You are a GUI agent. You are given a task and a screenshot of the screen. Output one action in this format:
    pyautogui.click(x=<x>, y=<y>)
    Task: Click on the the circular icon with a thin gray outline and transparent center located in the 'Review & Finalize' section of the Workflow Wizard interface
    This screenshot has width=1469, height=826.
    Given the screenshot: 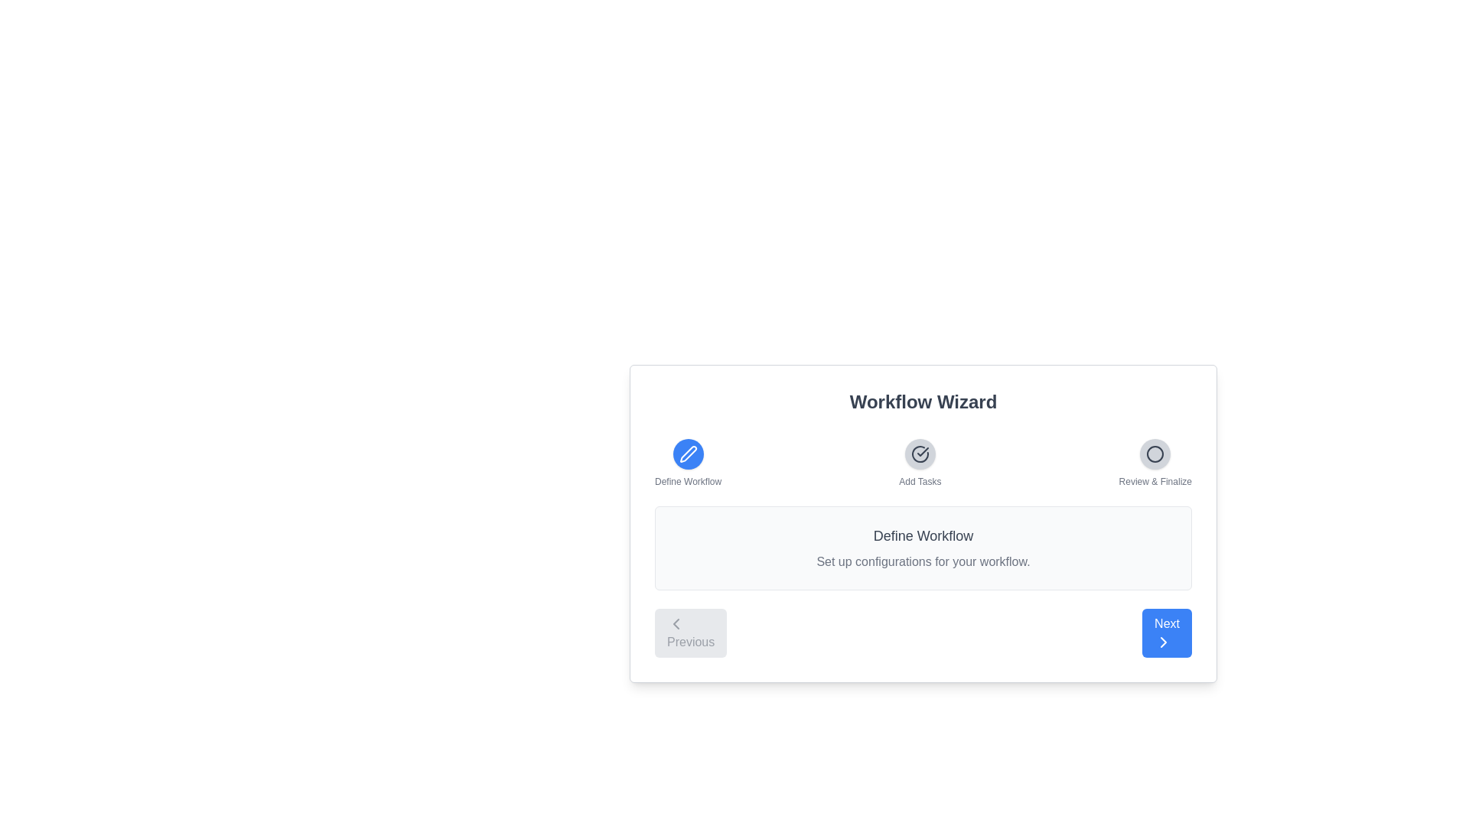 What is the action you would take?
    pyautogui.click(x=1155, y=454)
    